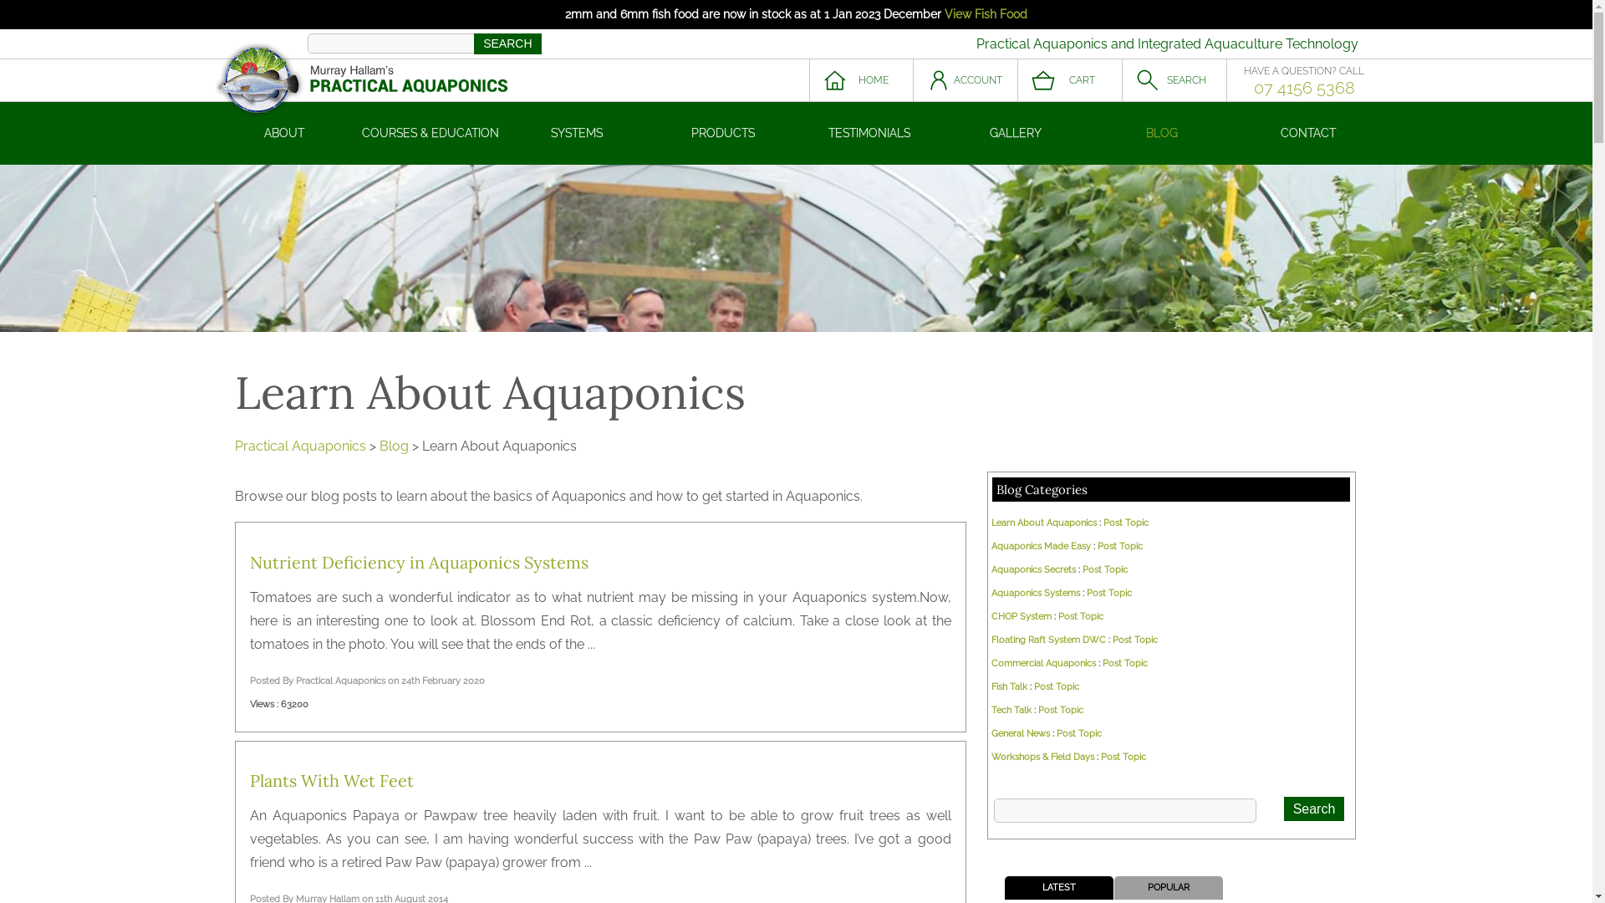  Describe the element at coordinates (723, 132) in the screenshot. I see `'PRODUCTS'` at that location.